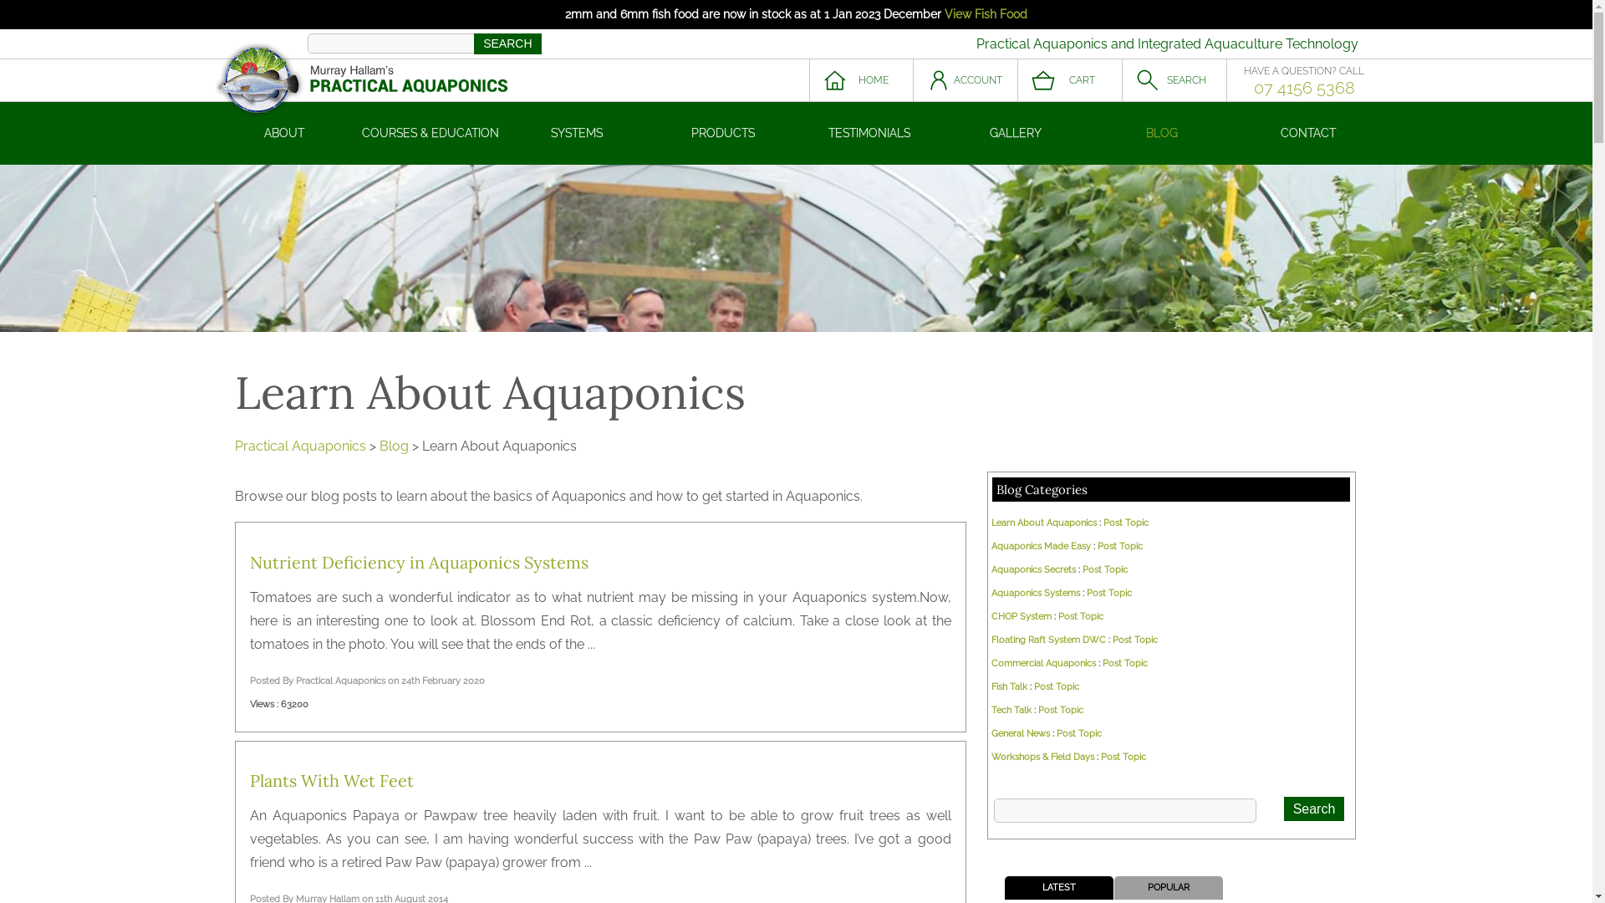  Describe the element at coordinates (723, 132) in the screenshot. I see `'PRODUCTS'` at that location.